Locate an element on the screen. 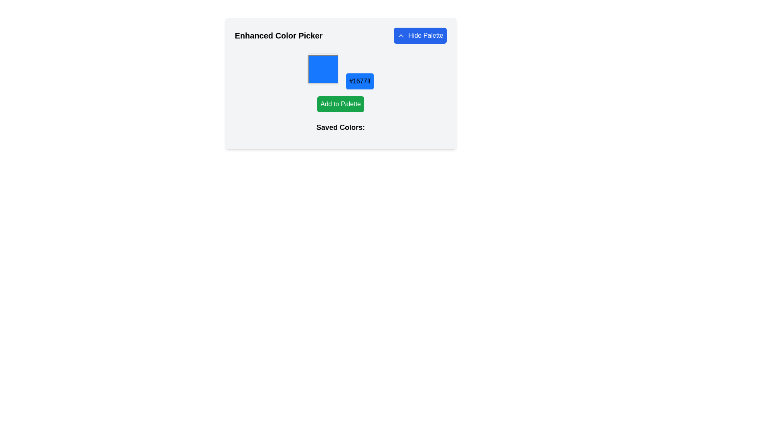  the blue rounded button labeled 'Hide Palette' with an upward-facing chevron icon is located at coordinates (419, 35).